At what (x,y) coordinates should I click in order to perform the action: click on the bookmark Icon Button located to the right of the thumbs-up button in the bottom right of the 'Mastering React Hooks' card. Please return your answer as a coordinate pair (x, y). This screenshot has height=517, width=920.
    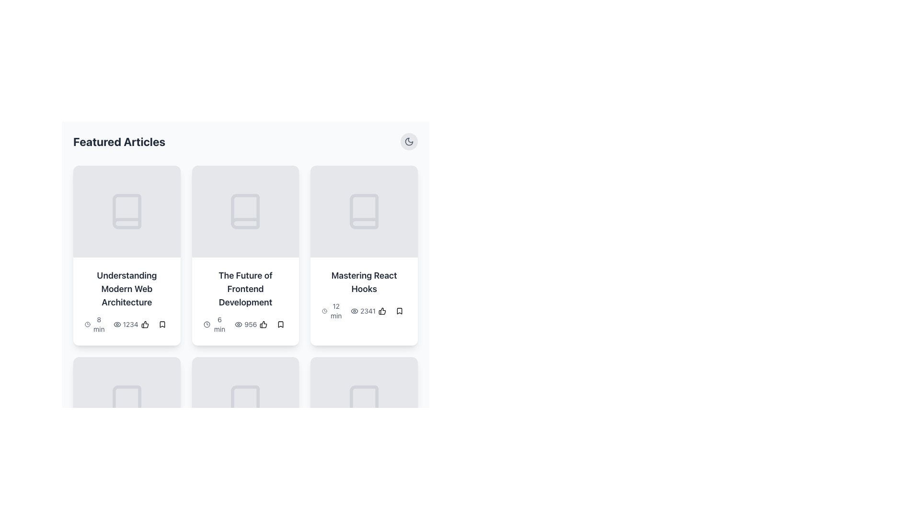
    Looking at the image, I should click on (400, 311).